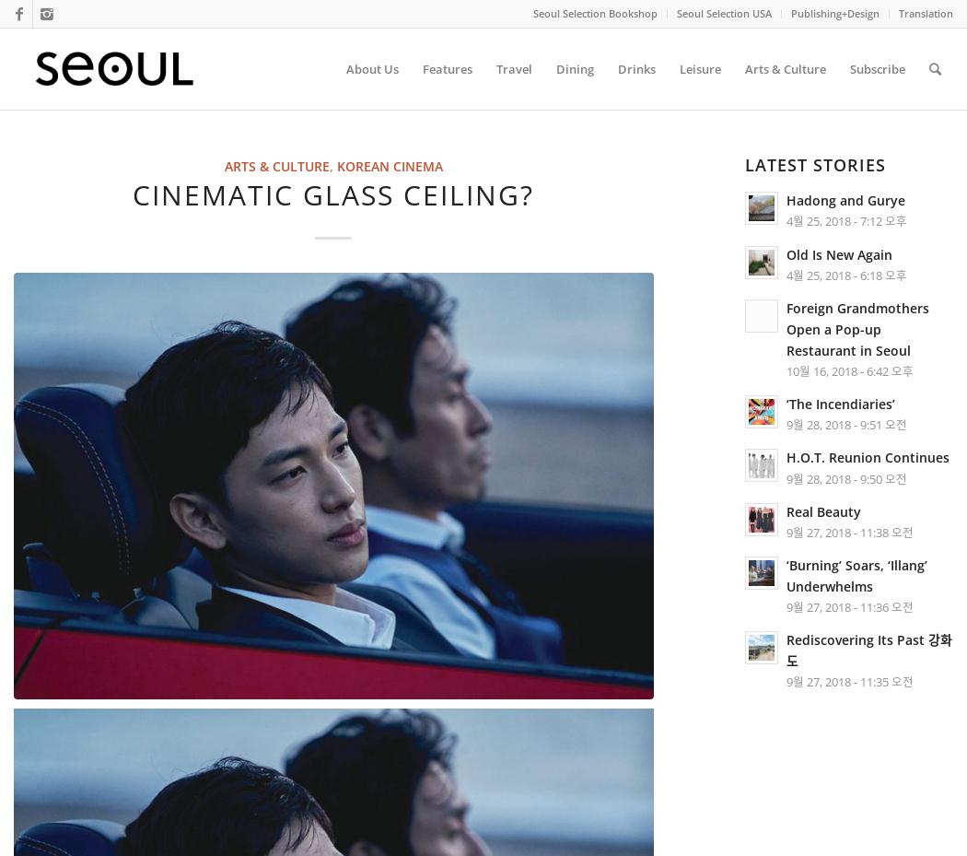 Image resolution: width=967 pixels, height=856 pixels. I want to click on 'Arts & Culture', so click(274, 166).